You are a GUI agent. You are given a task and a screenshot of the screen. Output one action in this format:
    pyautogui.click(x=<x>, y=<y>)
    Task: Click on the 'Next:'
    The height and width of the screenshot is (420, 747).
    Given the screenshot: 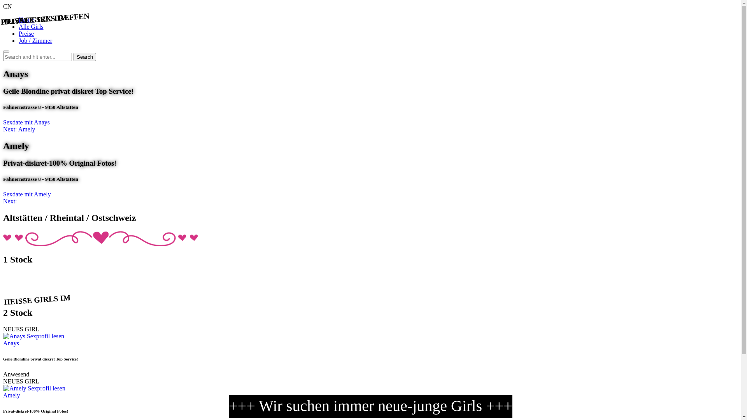 What is the action you would take?
    pyautogui.click(x=10, y=201)
    